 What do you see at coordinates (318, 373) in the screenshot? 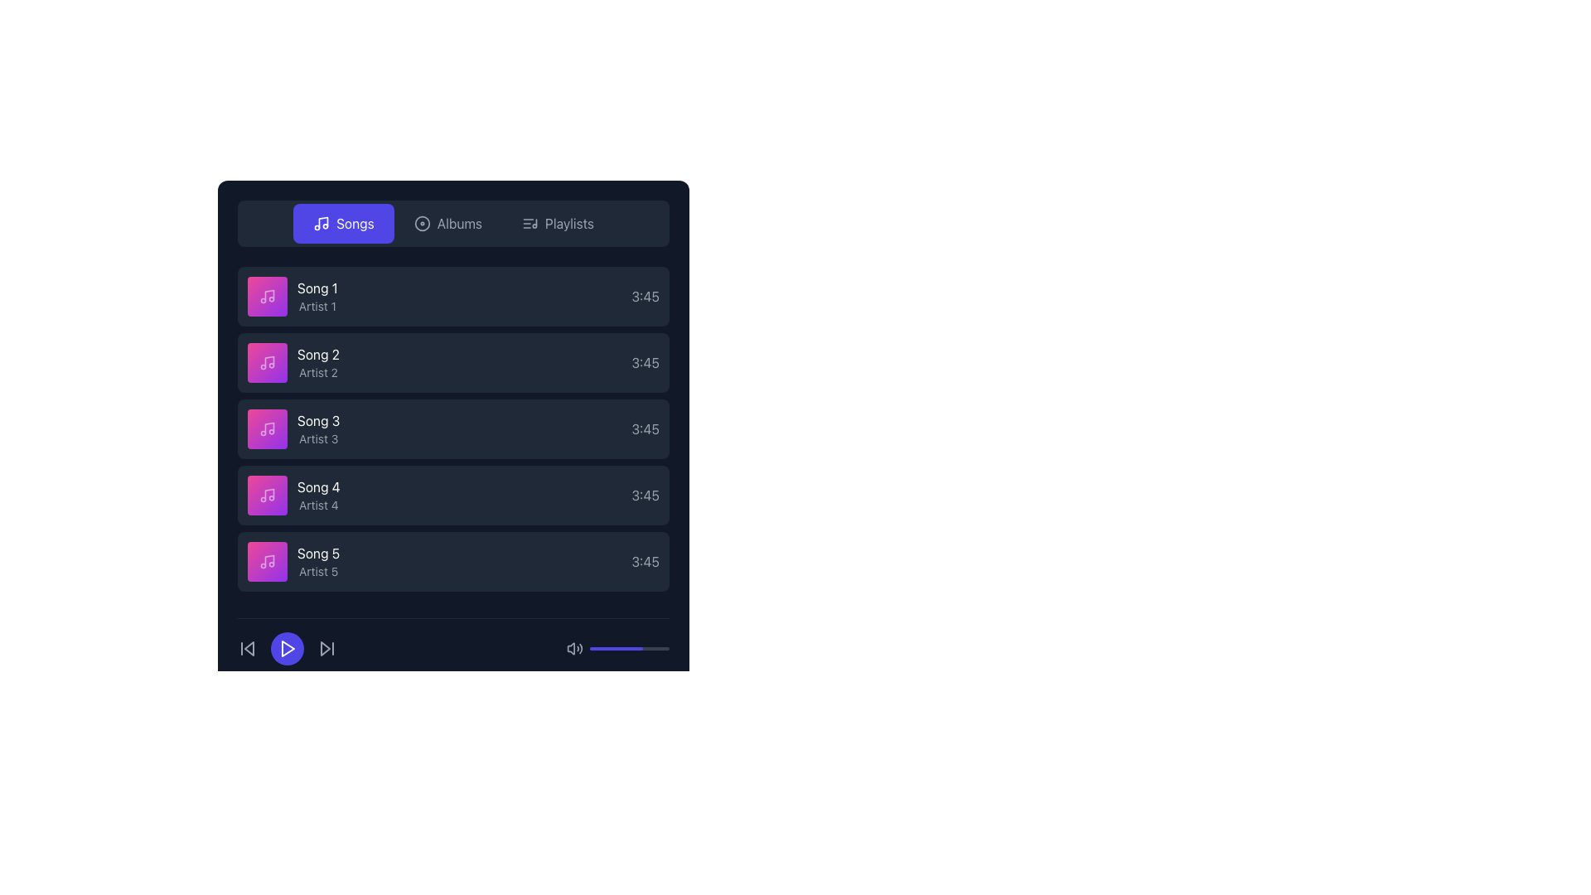
I see `the text label indicating 'Artist 2', which is the second line in the second item of a vertically stacked list associated with the song 'Song 2'` at bounding box center [318, 373].